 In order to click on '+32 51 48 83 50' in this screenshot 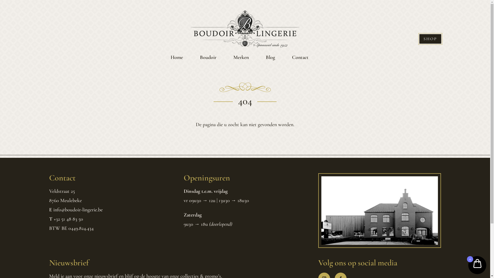, I will do `click(53, 219)`.